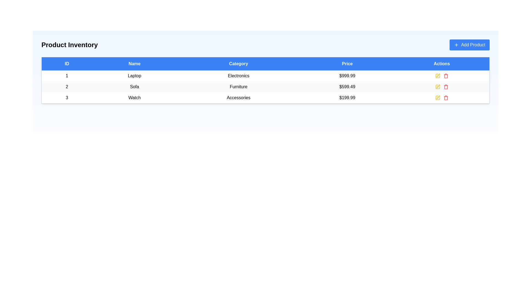 The height and width of the screenshot is (296, 527). What do you see at coordinates (437, 76) in the screenshot?
I see `the decorative SVG element representing an editing action for the 'Watch' product located in the third row of the 'Actions' column in the table` at bounding box center [437, 76].